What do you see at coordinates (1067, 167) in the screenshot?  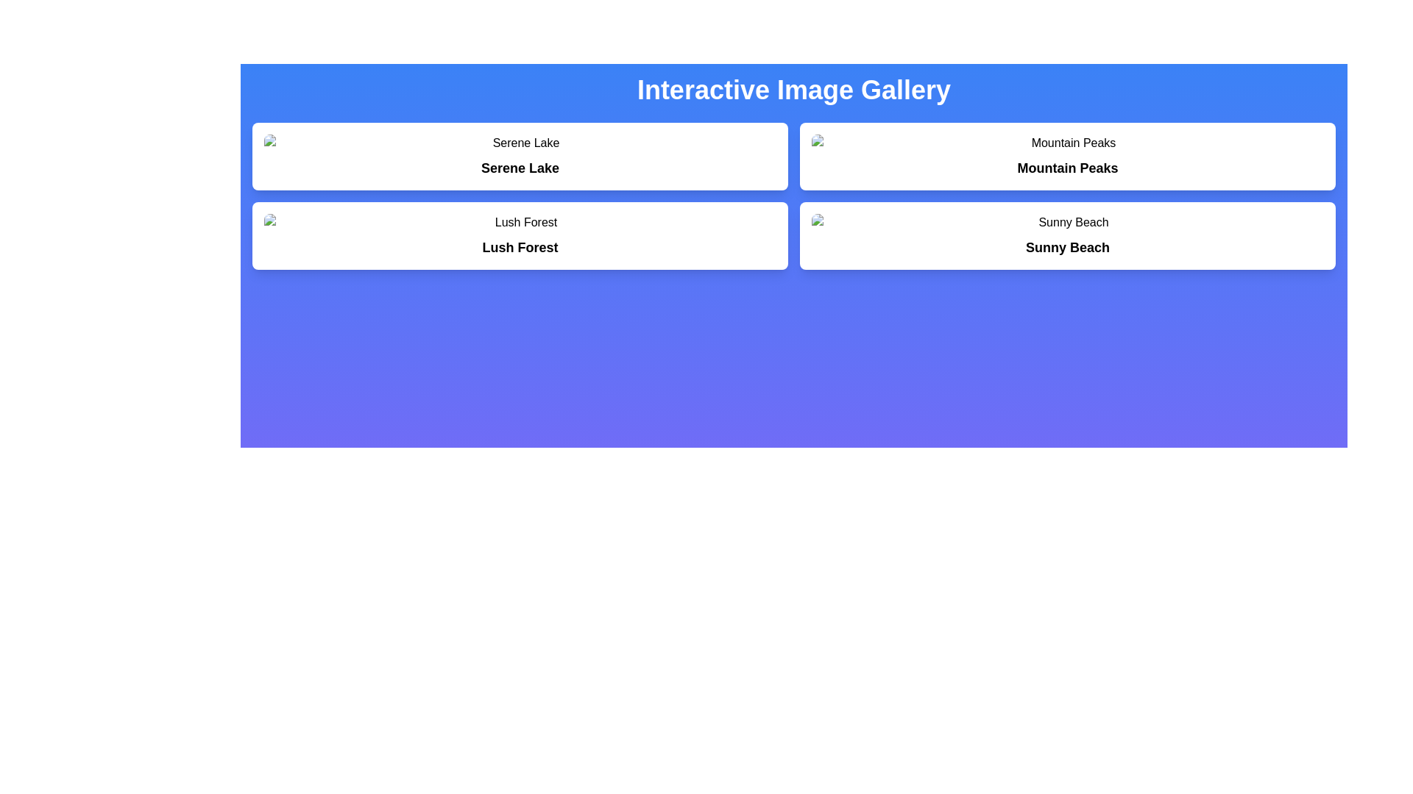 I see `the 'Mountain Peaks' text label located in the top-right section of the card component, situated below an image placeholder` at bounding box center [1067, 167].